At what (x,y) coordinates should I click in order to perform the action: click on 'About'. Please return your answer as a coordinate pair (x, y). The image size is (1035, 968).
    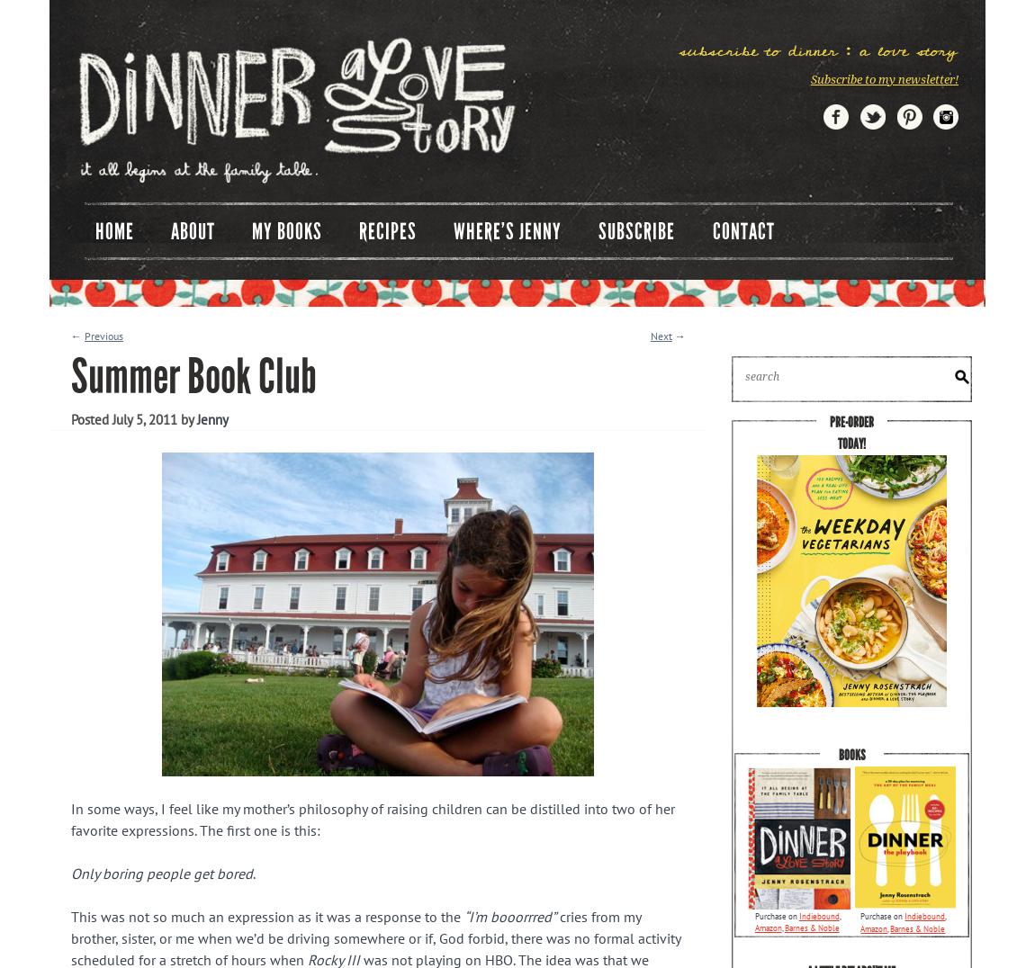
    Looking at the image, I should click on (191, 230).